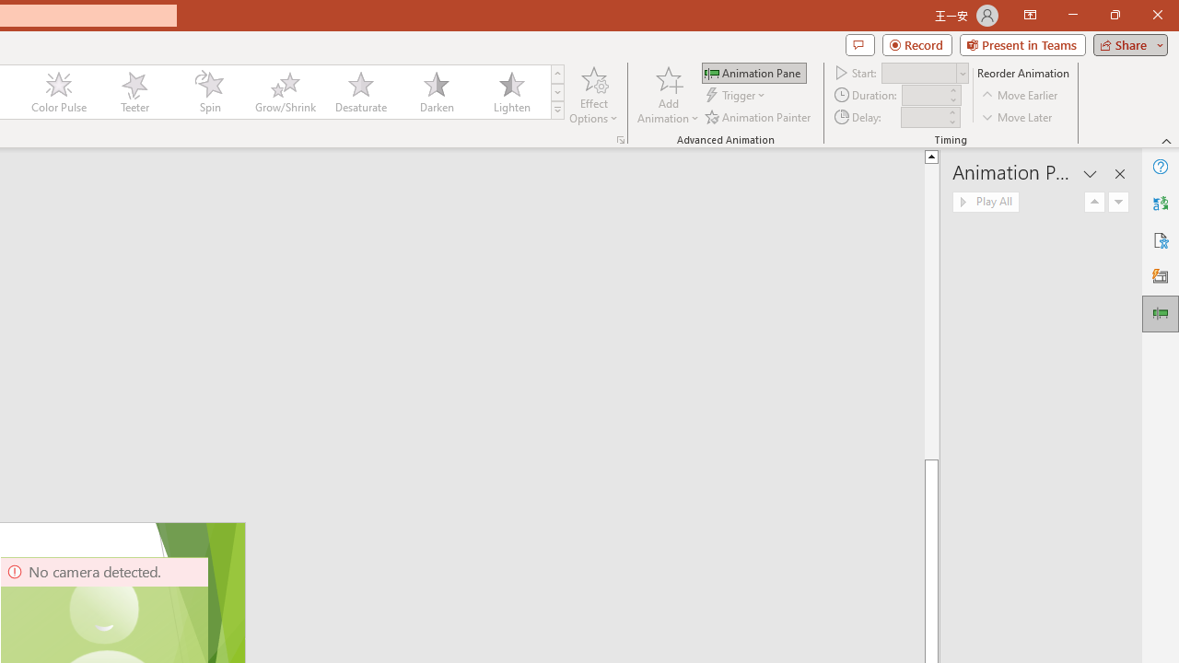 This screenshot has height=663, width=1179. What do you see at coordinates (284, 92) in the screenshot?
I see `'Grow/Shrink'` at bounding box center [284, 92].